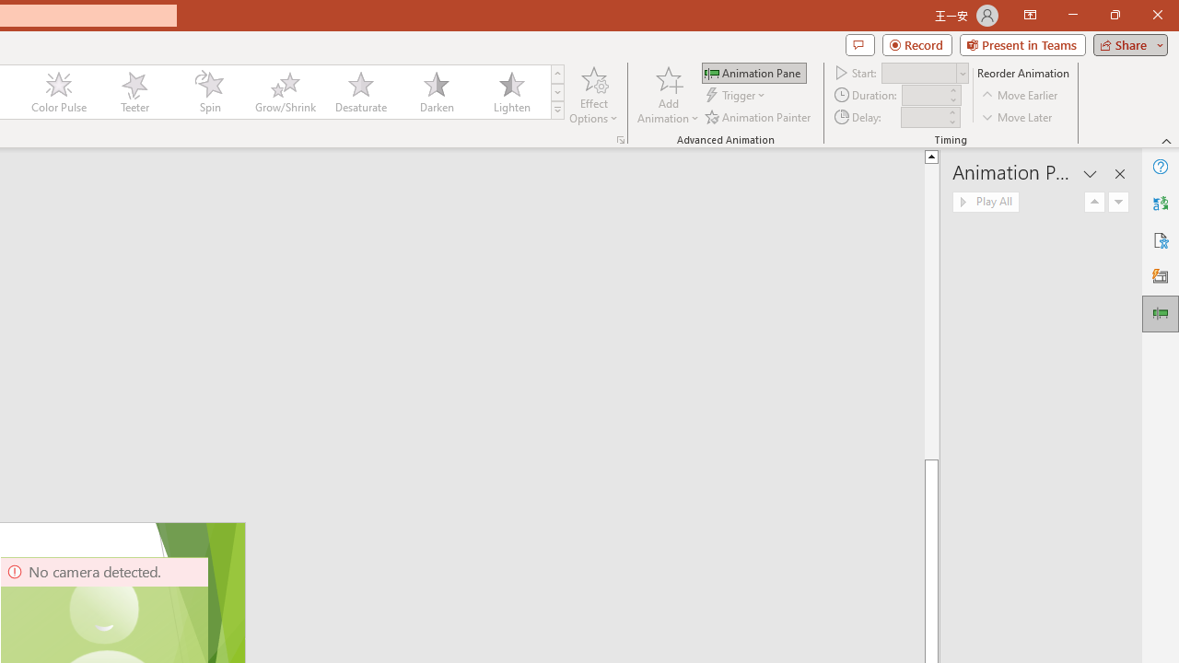 This screenshot has height=663, width=1179. What do you see at coordinates (284, 92) in the screenshot?
I see `'Grow/Shrink'` at bounding box center [284, 92].